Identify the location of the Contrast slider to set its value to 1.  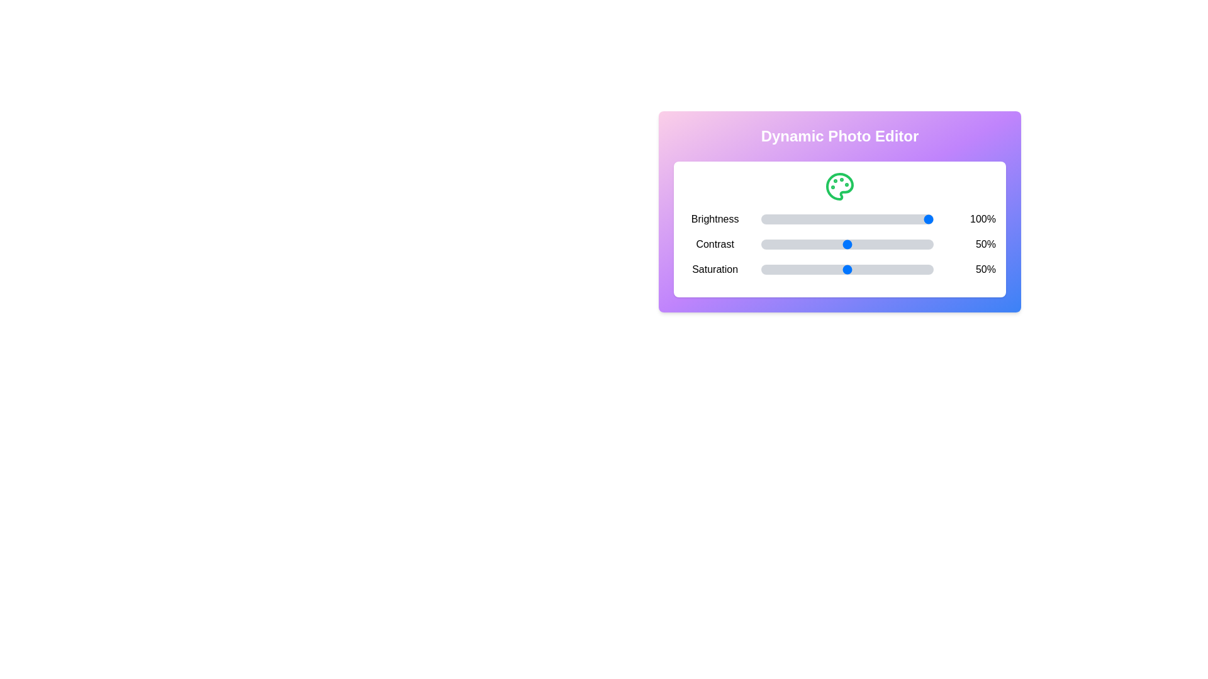
(763, 245).